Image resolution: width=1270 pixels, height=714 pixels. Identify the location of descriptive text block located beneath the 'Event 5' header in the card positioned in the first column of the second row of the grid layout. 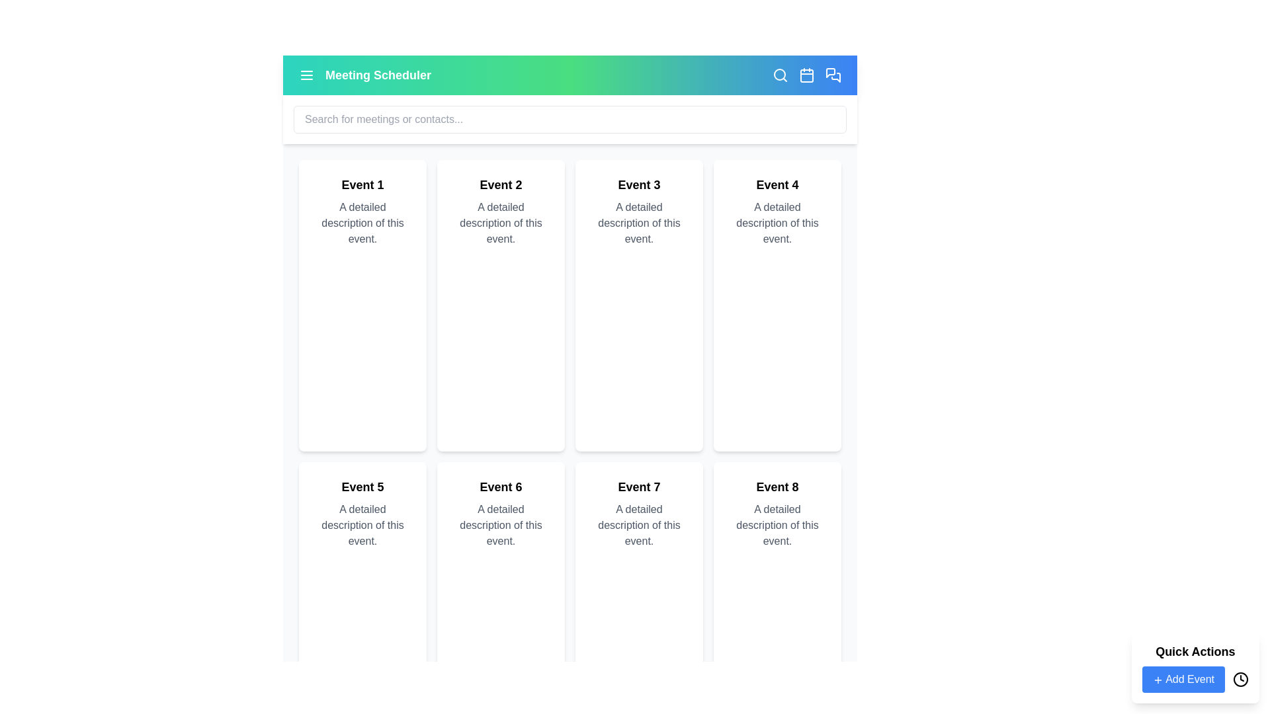
(362, 524).